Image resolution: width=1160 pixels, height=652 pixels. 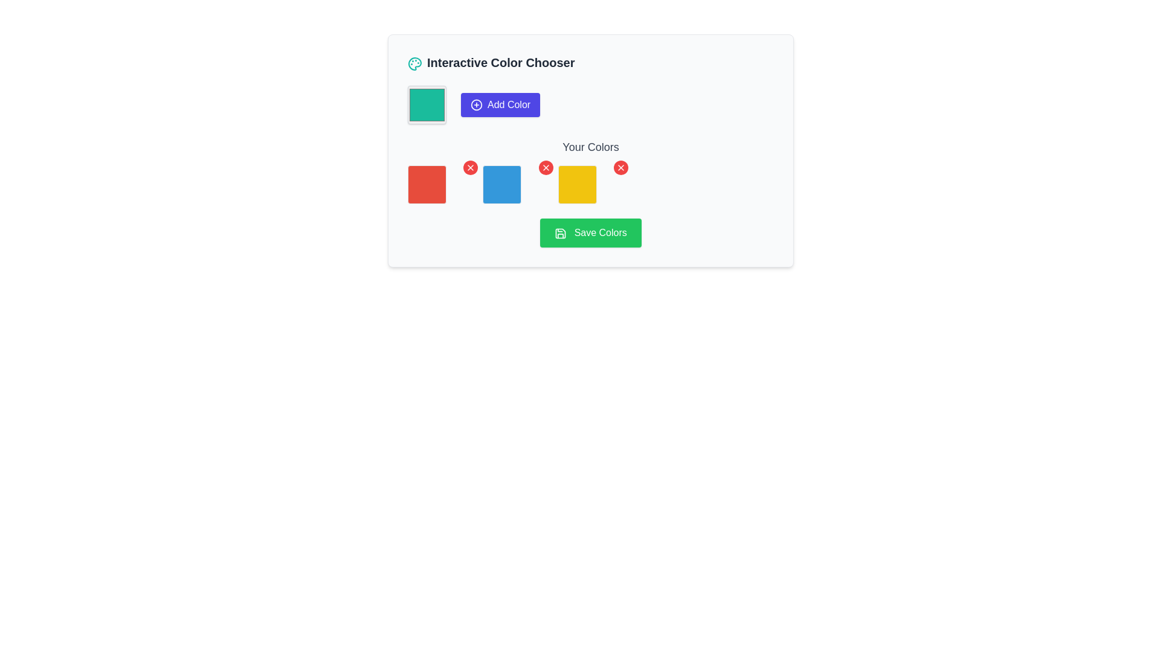 What do you see at coordinates (591, 232) in the screenshot?
I see `the green rectangular 'Save Colors' button with a white save icon, located at the bottom center of the 'Interactive Color Chooser' section` at bounding box center [591, 232].